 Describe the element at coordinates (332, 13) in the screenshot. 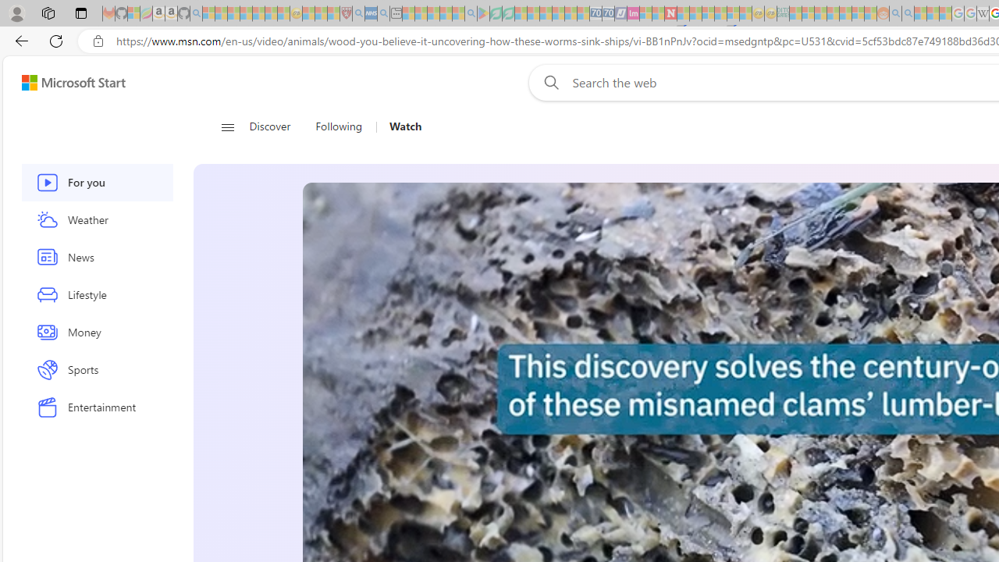

I see `'Local - MSN - Sleeping'` at that location.